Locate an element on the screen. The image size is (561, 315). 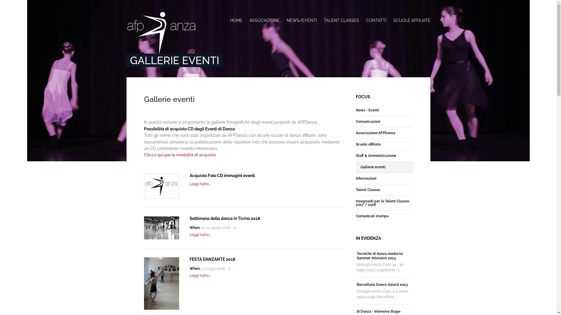
'HOME' is located at coordinates (230, 20).